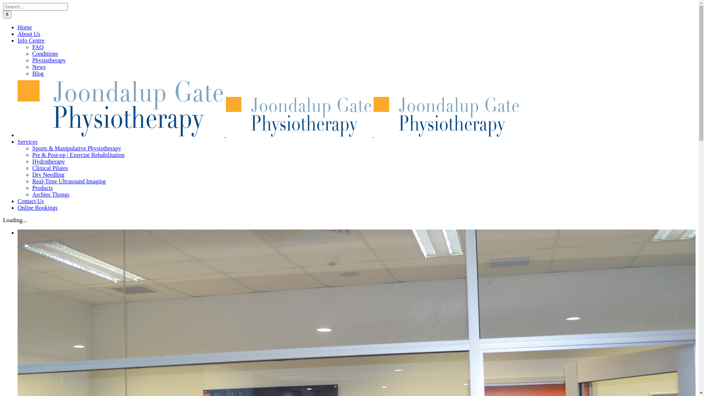  What do you see at coordinates (30, 40) in the screenshot?
I see `'Info Centre'` at bounding box center [30, 40].